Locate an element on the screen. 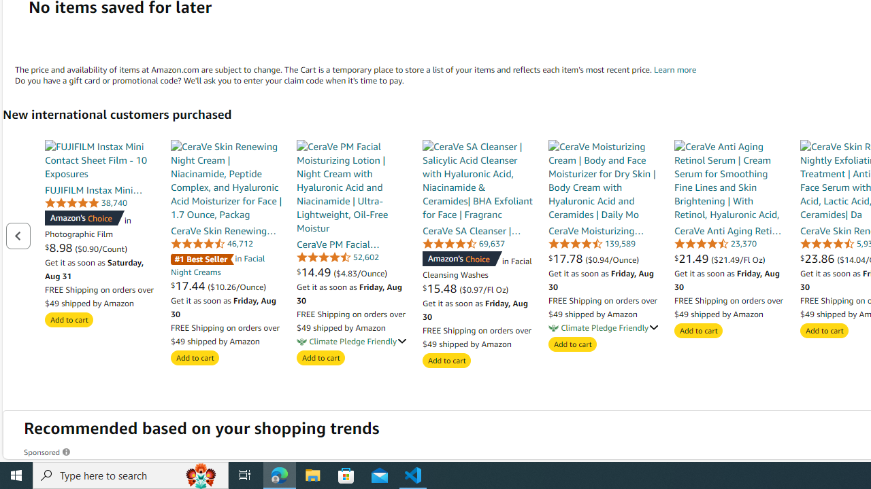  'Previous page' is located at coordinates (18, 235).